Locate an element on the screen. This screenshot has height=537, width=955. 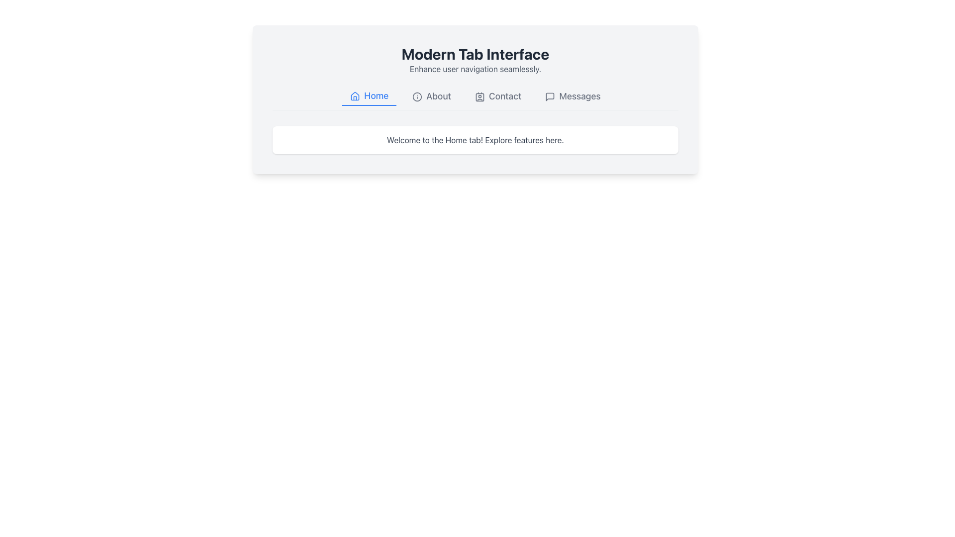
textual title 'Modern Tab Interface' which is bold, large, and dark gray on a light gray background, positioned at the top of the interface is located at coordinates (475, 54).